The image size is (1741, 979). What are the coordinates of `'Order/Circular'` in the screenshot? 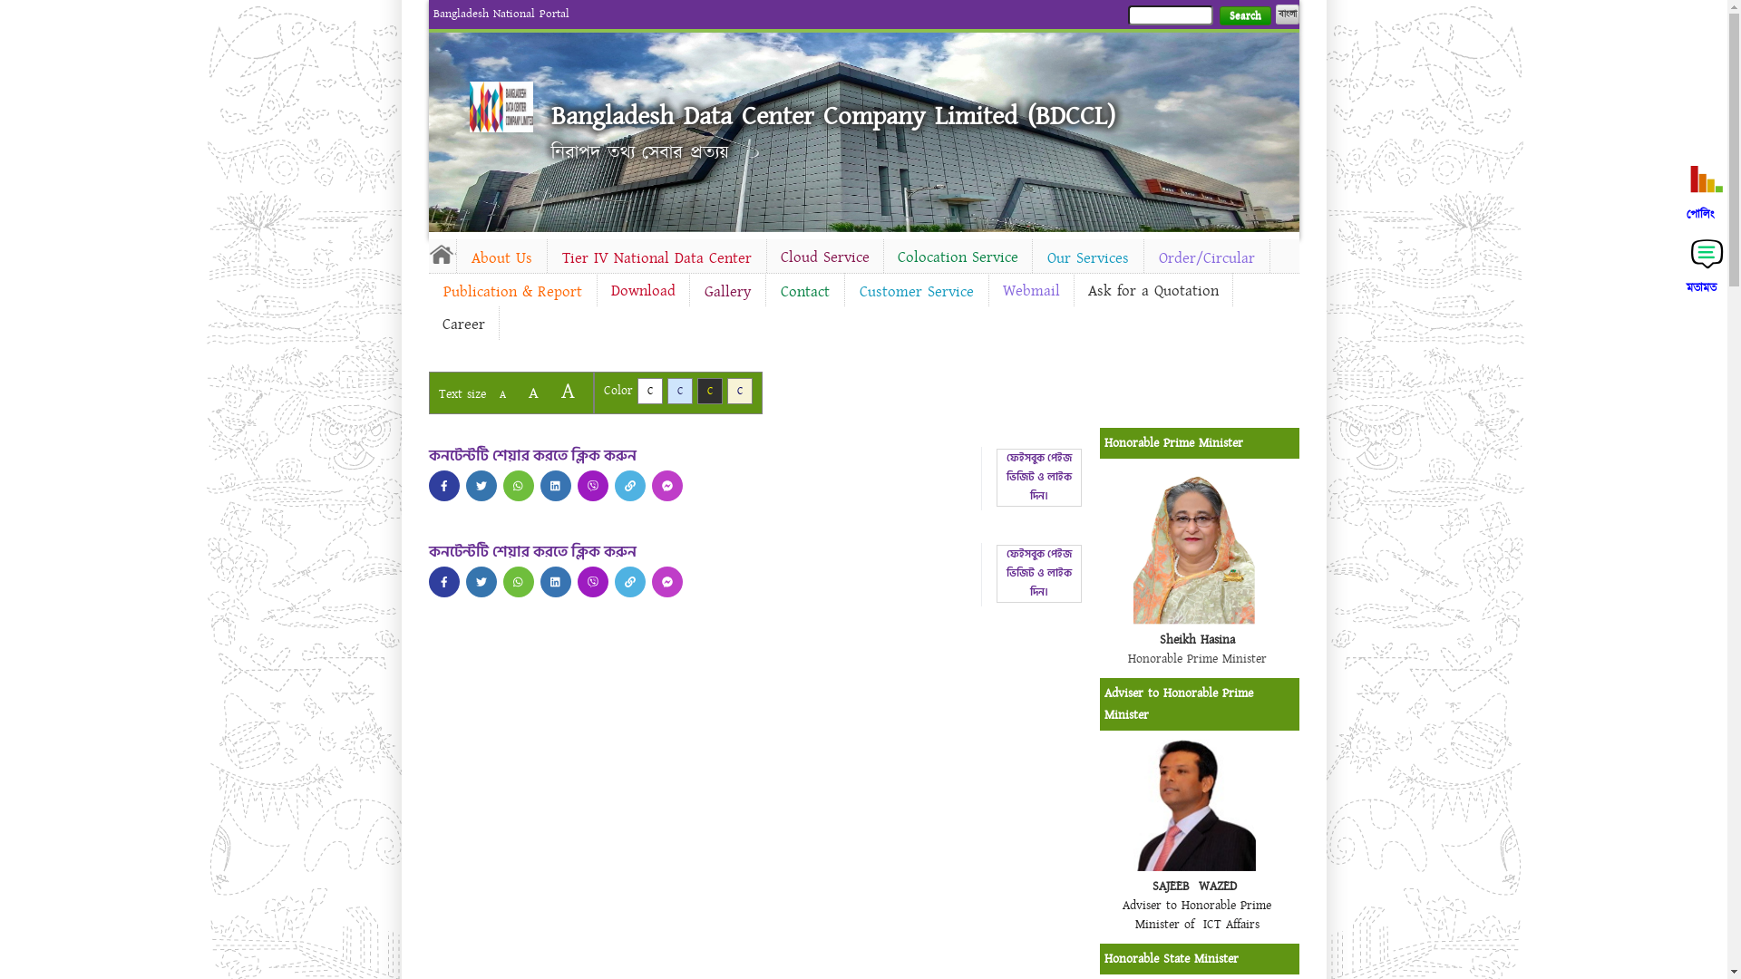 It's located at (1206, 258).